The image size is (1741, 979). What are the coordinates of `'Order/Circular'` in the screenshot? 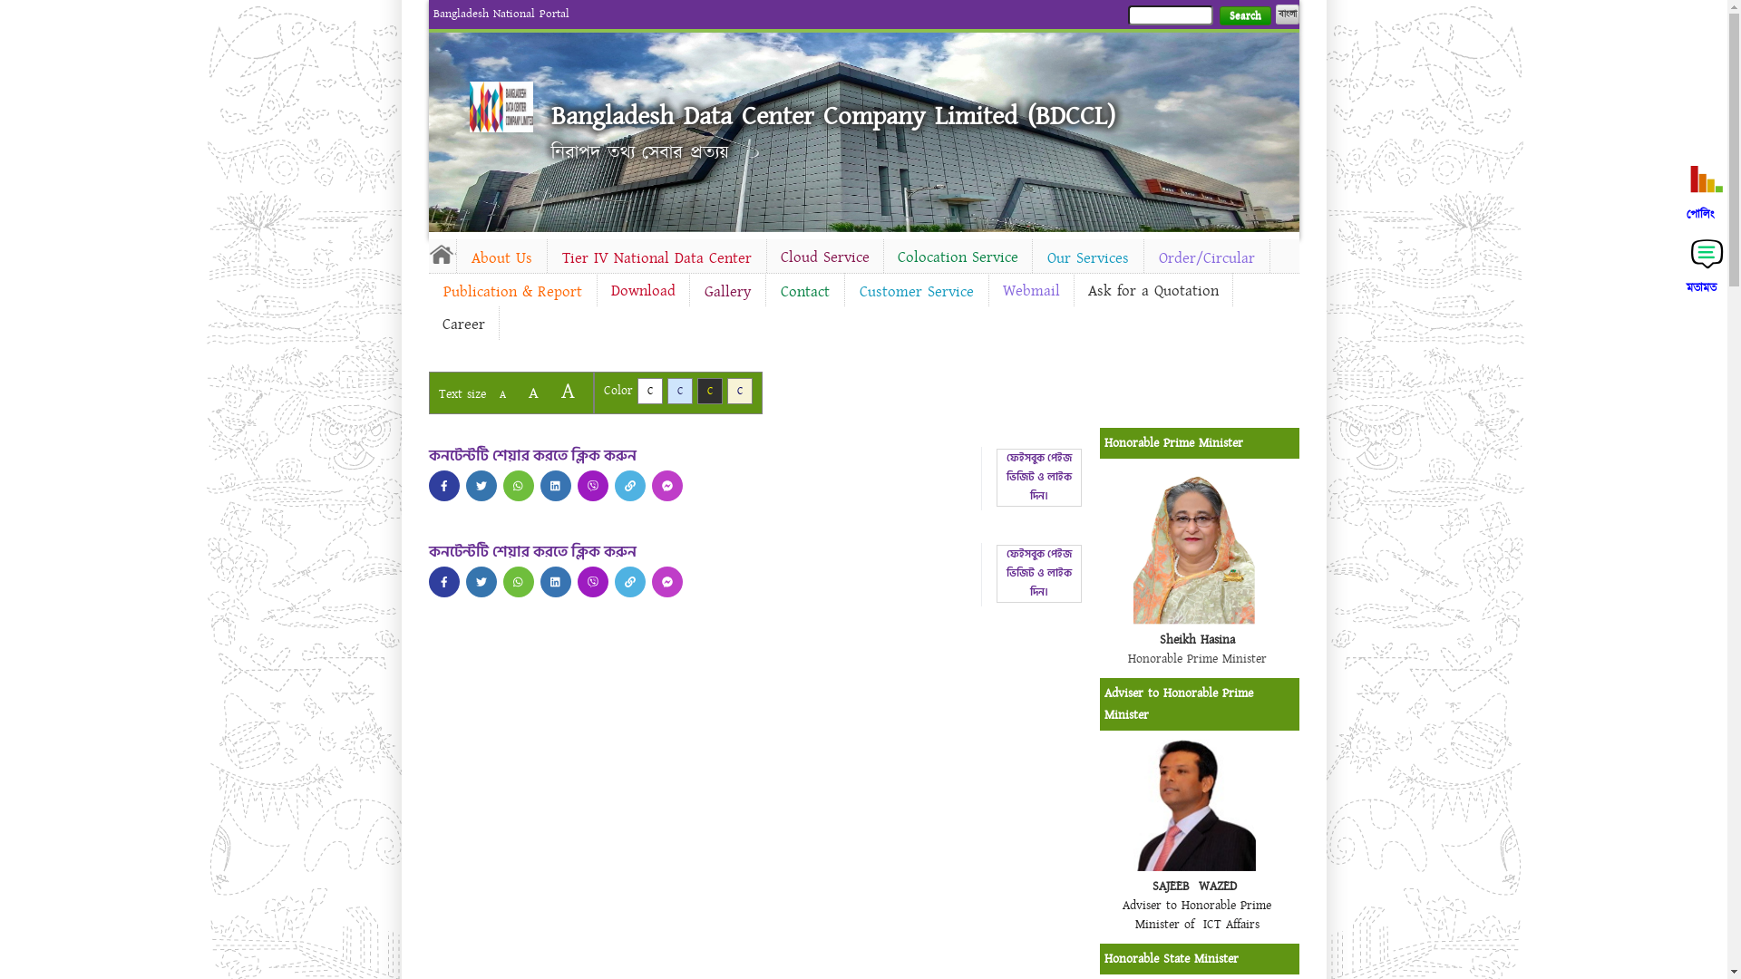 It's located at (1206, 258).